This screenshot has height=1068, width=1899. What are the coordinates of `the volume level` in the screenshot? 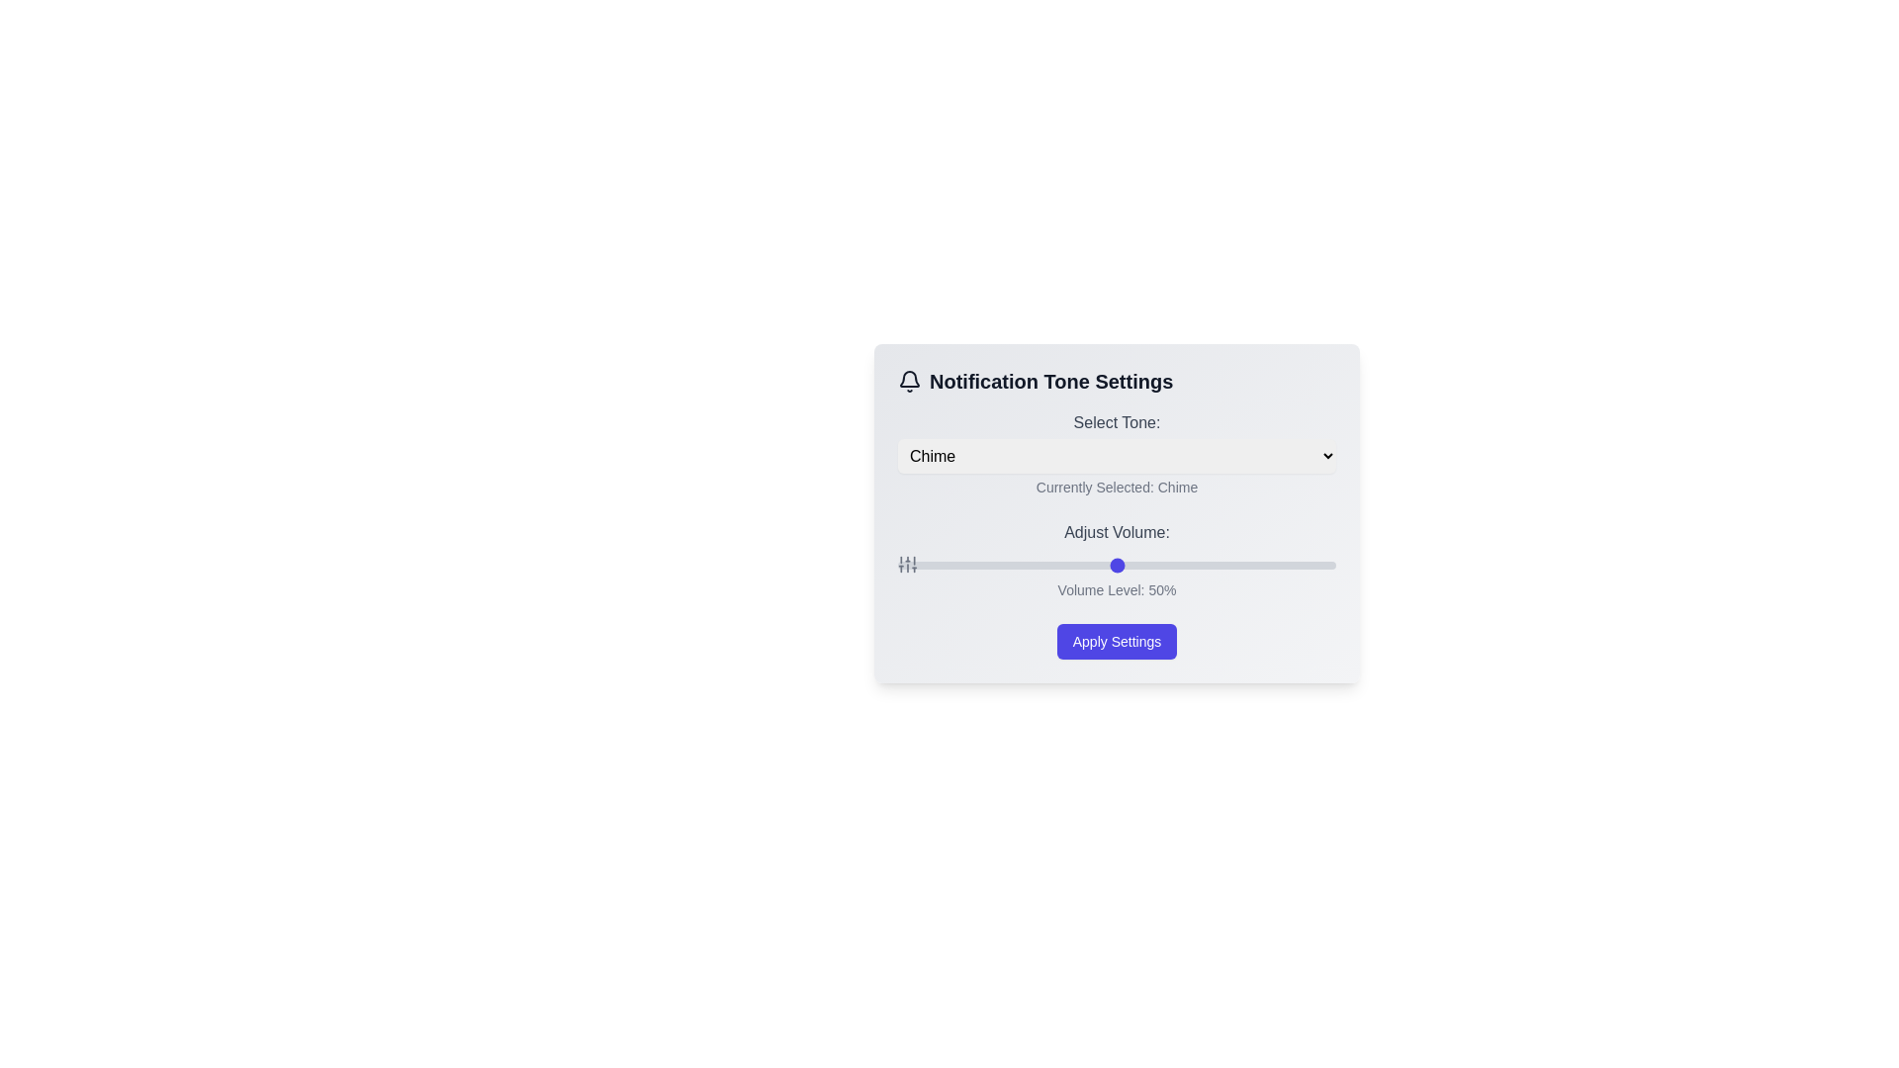 It's located at (1063, 565).